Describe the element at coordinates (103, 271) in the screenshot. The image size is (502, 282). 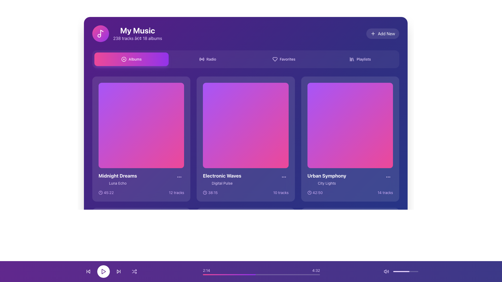
I see `the circular button with a white background and purple play icon, positioned centrally in the bottom row of controls` at that location.